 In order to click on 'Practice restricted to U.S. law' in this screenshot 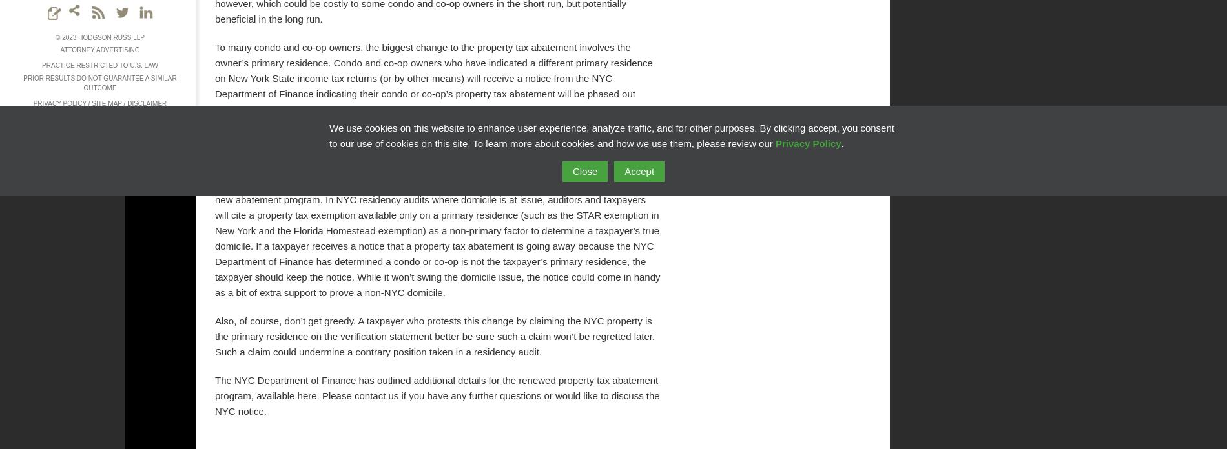, I will do `click(99, 65)`.